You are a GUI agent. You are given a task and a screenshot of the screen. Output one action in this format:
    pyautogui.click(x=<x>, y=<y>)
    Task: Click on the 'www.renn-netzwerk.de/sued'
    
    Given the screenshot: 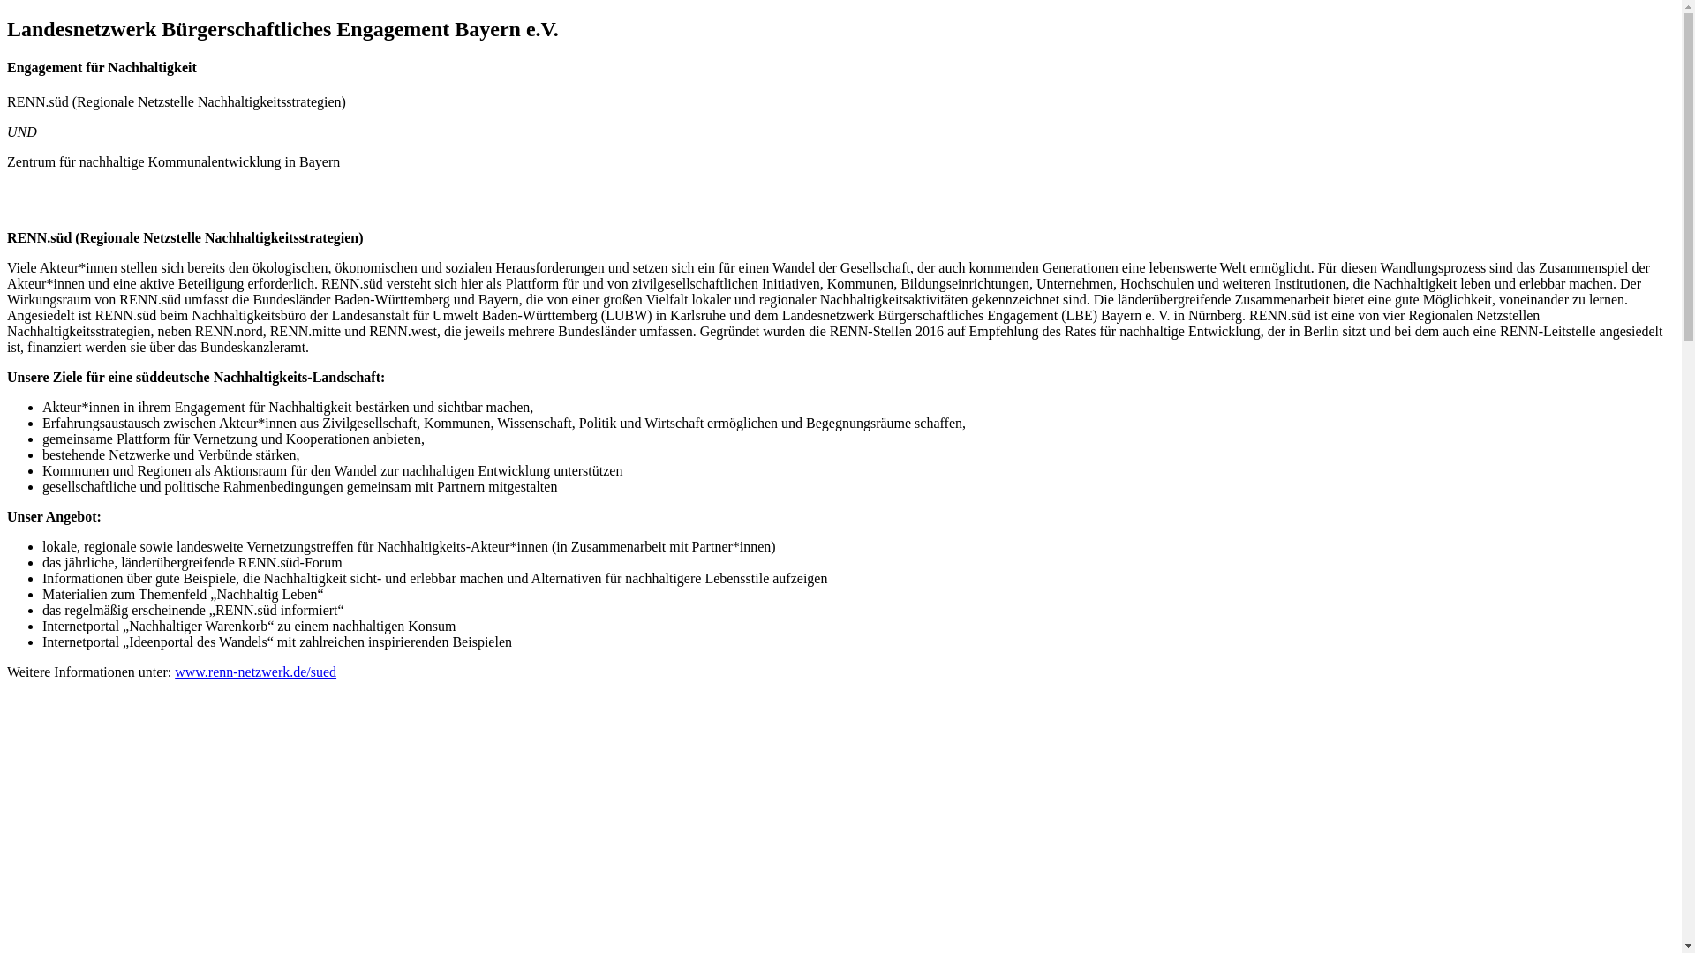 What is the action you would take?
    pyautogui.click(x=254, y=672)
    